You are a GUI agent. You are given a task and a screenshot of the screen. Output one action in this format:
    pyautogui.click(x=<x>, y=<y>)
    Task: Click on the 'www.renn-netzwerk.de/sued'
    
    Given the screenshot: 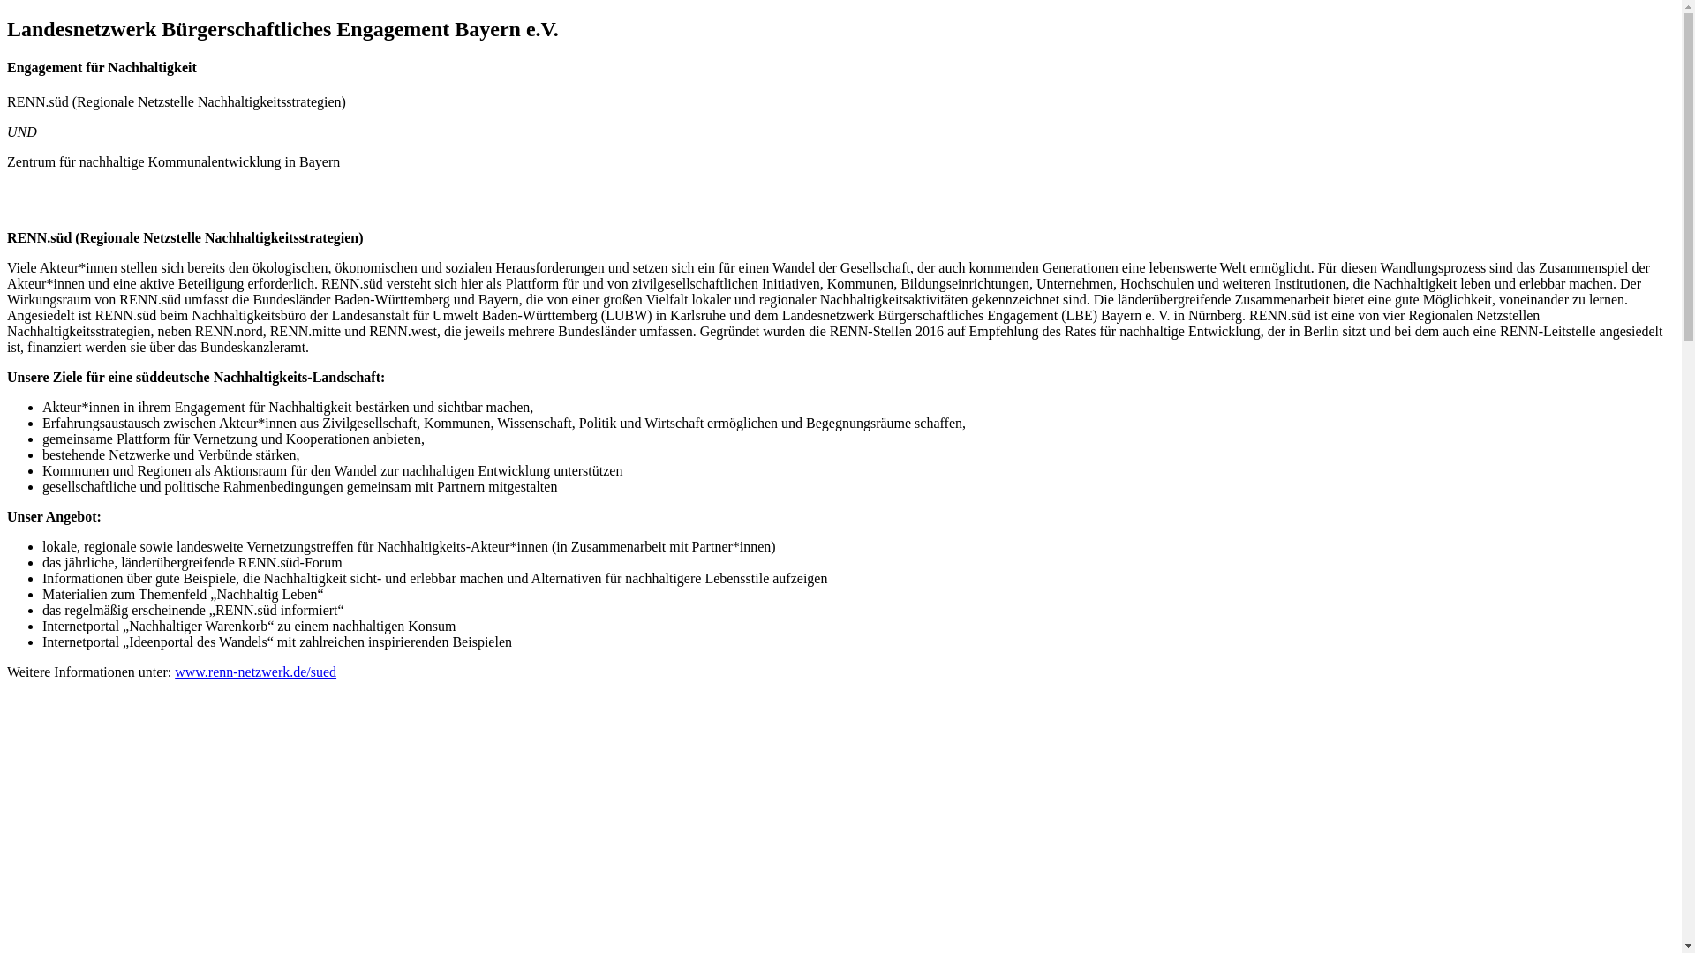 What is the action you would take?
    pyautogui.click(x=254, y=672)
    